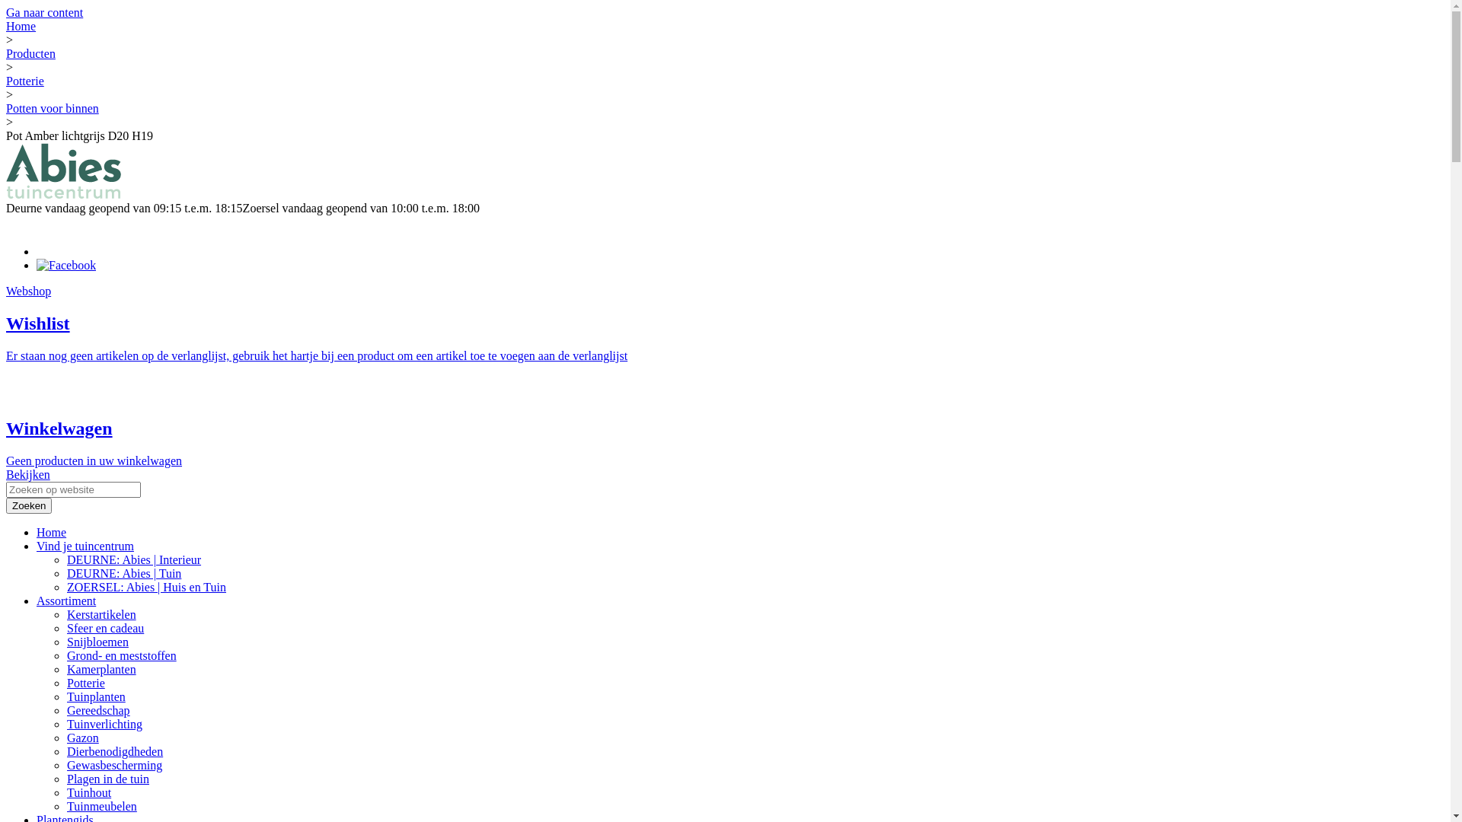 The height and width of the screenshot is (822, 1462). Describe the element at coordinates (65, 613) in the screenshot. I see `'Kerstartikelen'` at that location.